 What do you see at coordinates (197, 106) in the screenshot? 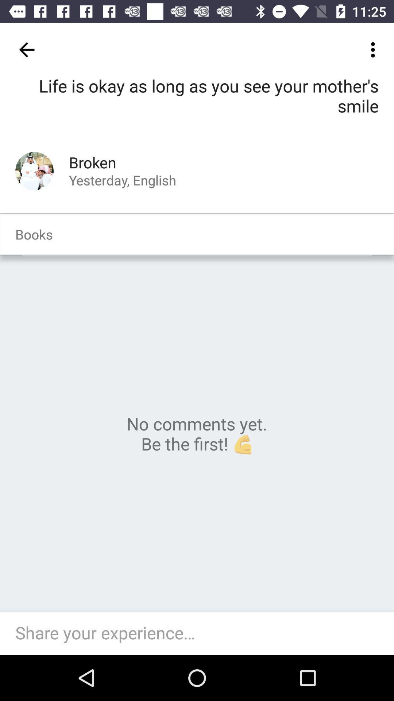
I see `life is okay` at bounding box center [197, 106].